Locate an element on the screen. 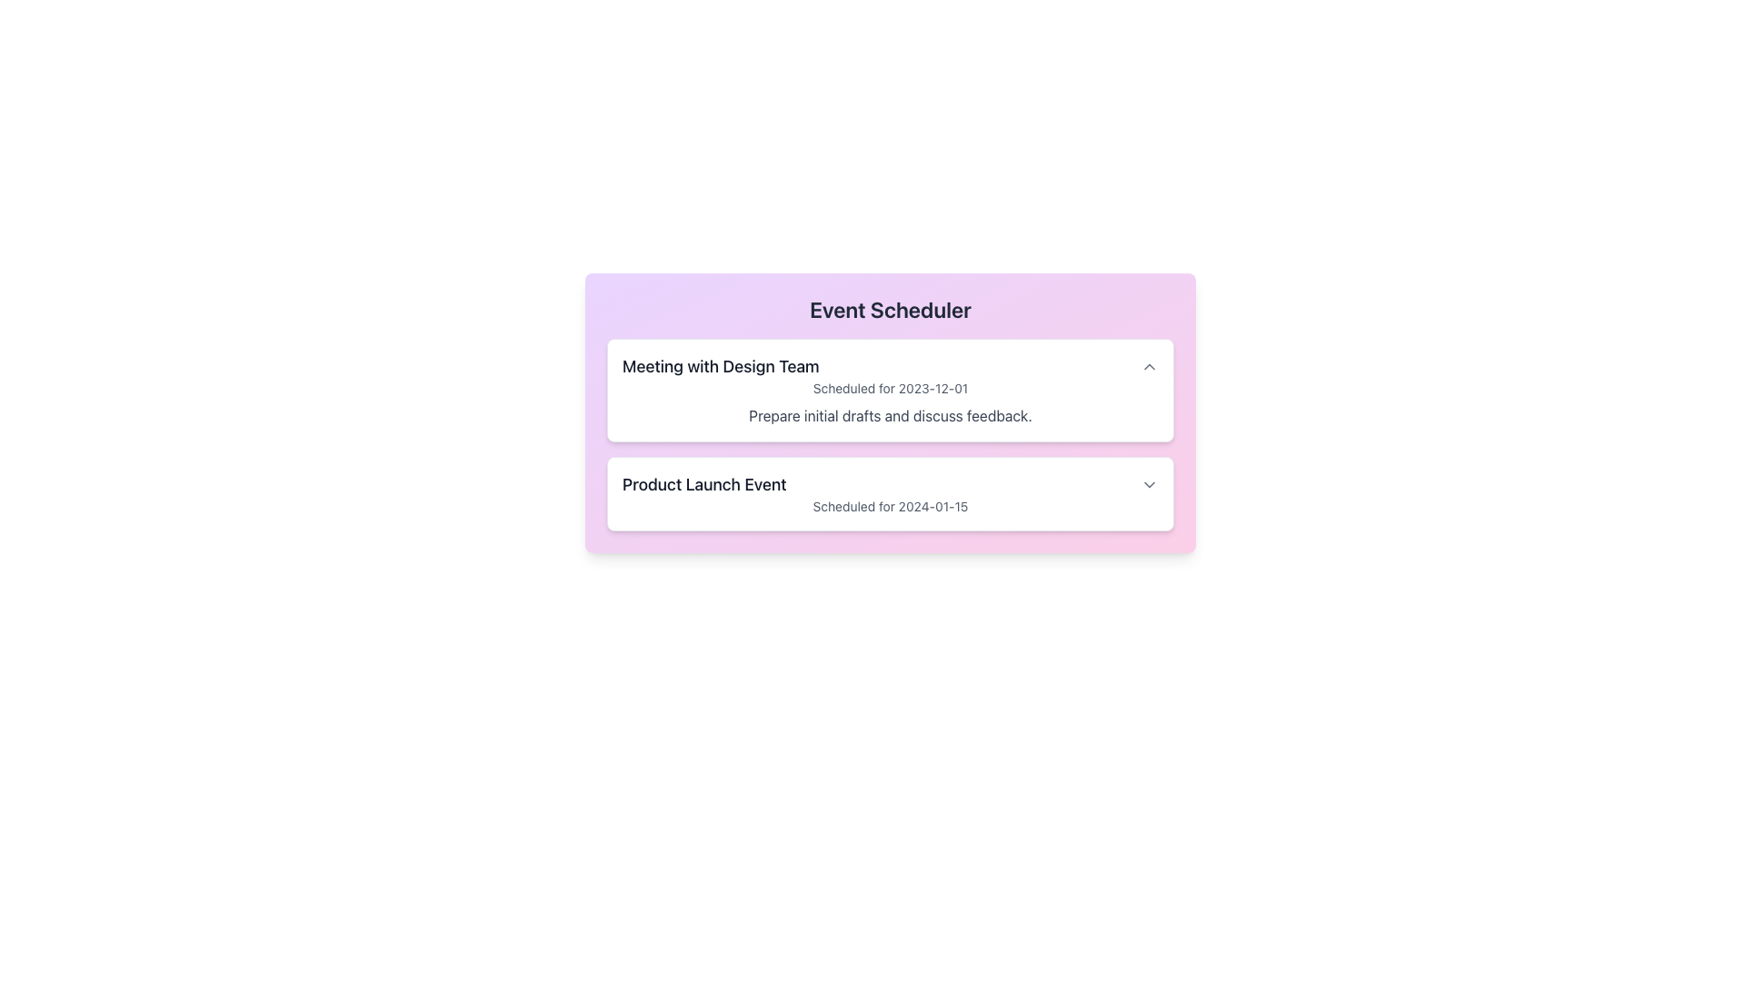 This screenshot has height=981, width=1745. the text label that serves as a title for a scheduled event, located at the top of a rectangular section with a dropdown icon and additional scheduling information is located at coordinates (703, 483).